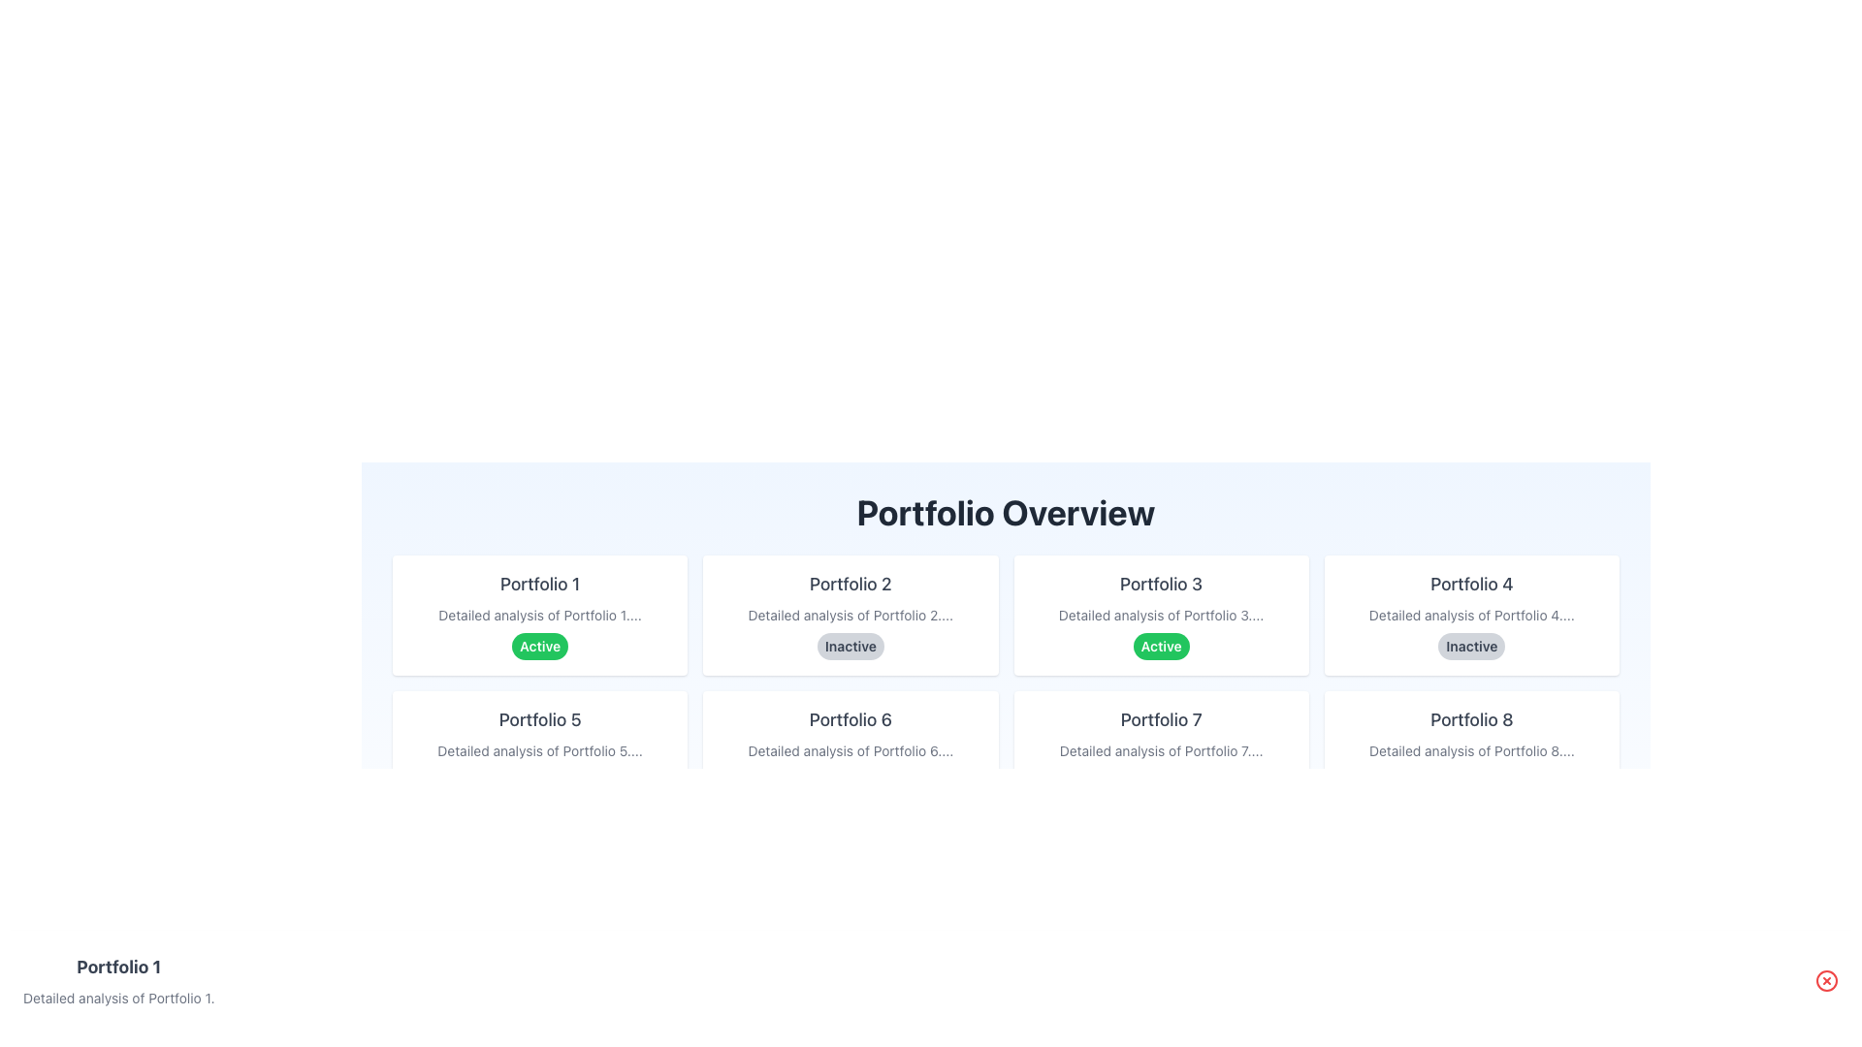 This screenshot has width=1862, height=1047. What do you see at coordinates (851, 647) in the screenshot?
I see `the static label that indicates the status of 'Portfolio 2', which displays 'Inactive' and is located at the bottom of the corresponding card in the grid layout` at bounding box center [851, 647].